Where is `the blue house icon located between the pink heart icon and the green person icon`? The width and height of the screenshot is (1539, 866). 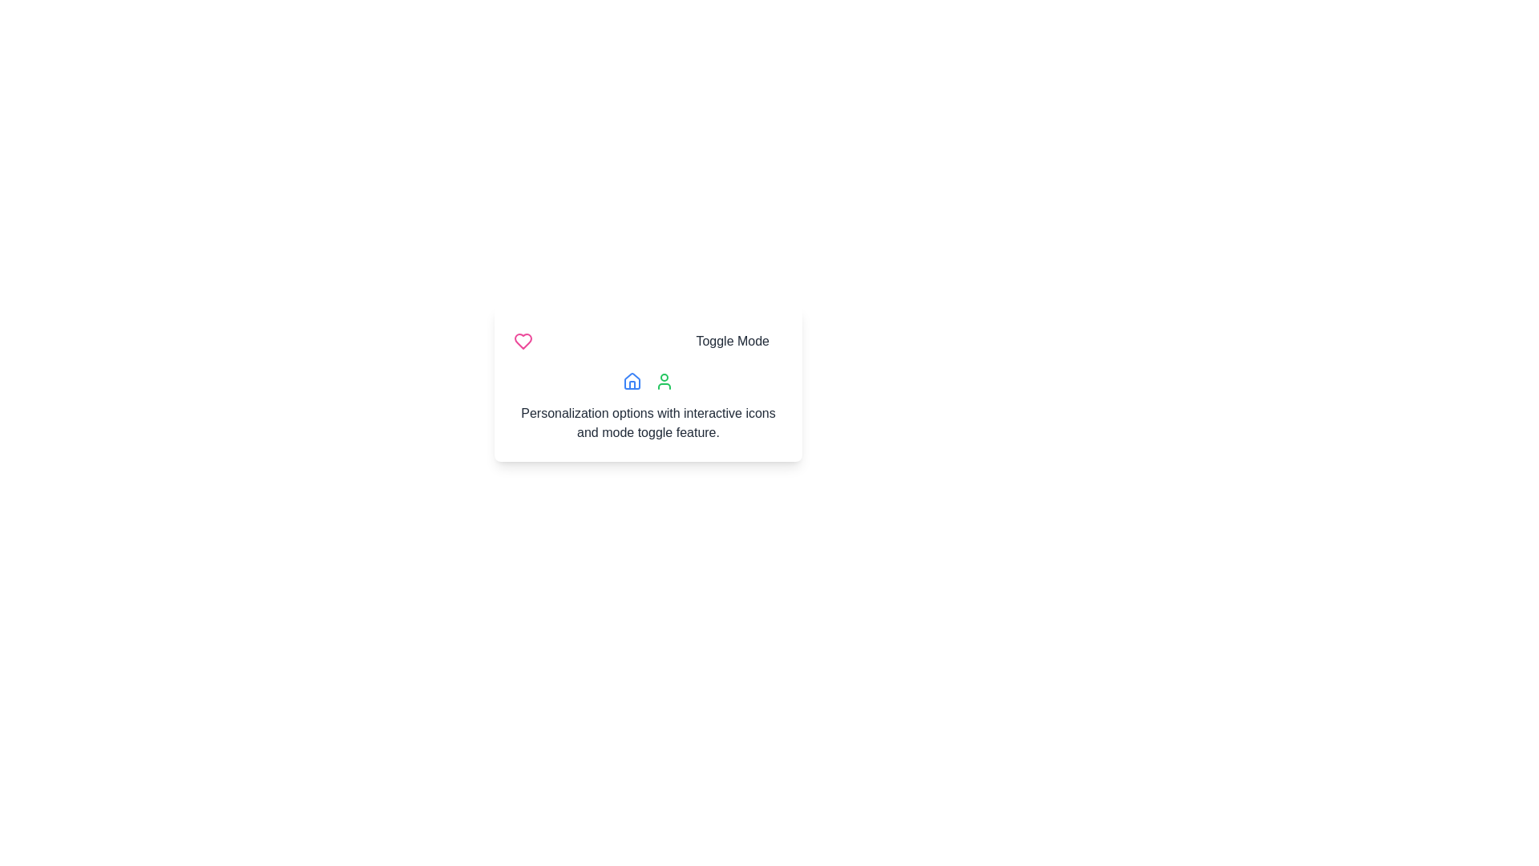 the blue house icon located between the pink heart icon and the green person icon is located at coordinates (631, 380).